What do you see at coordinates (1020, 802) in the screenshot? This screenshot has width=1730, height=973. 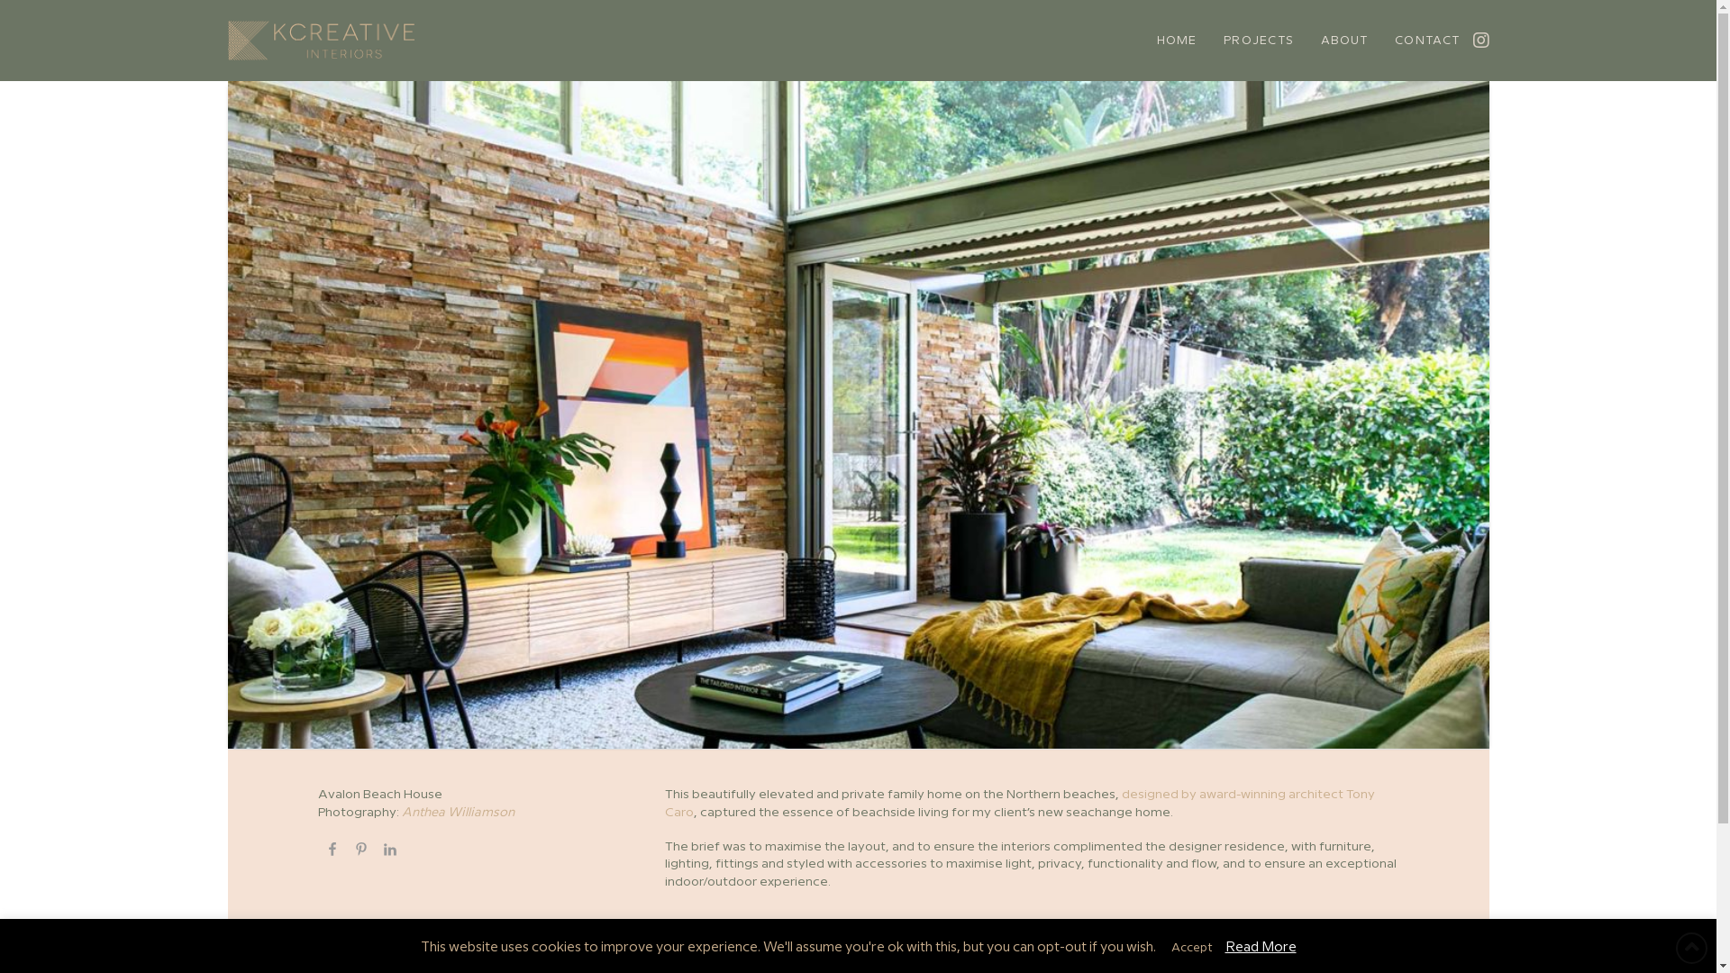 I see `'designed by award-winning architect Tony Caro'` at bounding box center [1020, 802].